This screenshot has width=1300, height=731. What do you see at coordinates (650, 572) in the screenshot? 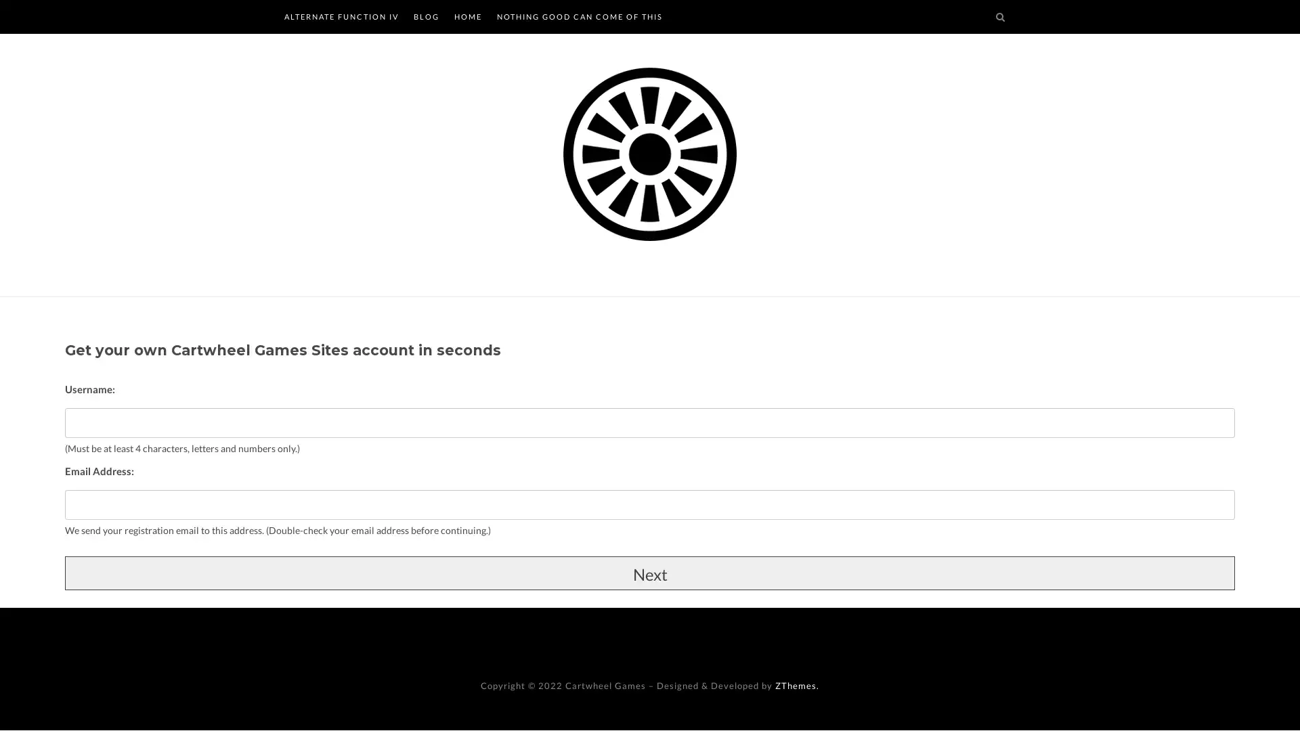
I see `Next` at bounding box center [650, 572].